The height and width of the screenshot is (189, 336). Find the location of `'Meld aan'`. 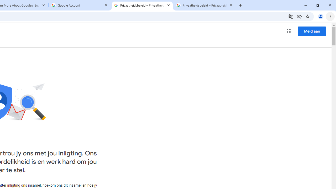

'Meld aan' is located at coordinates (312, 31).